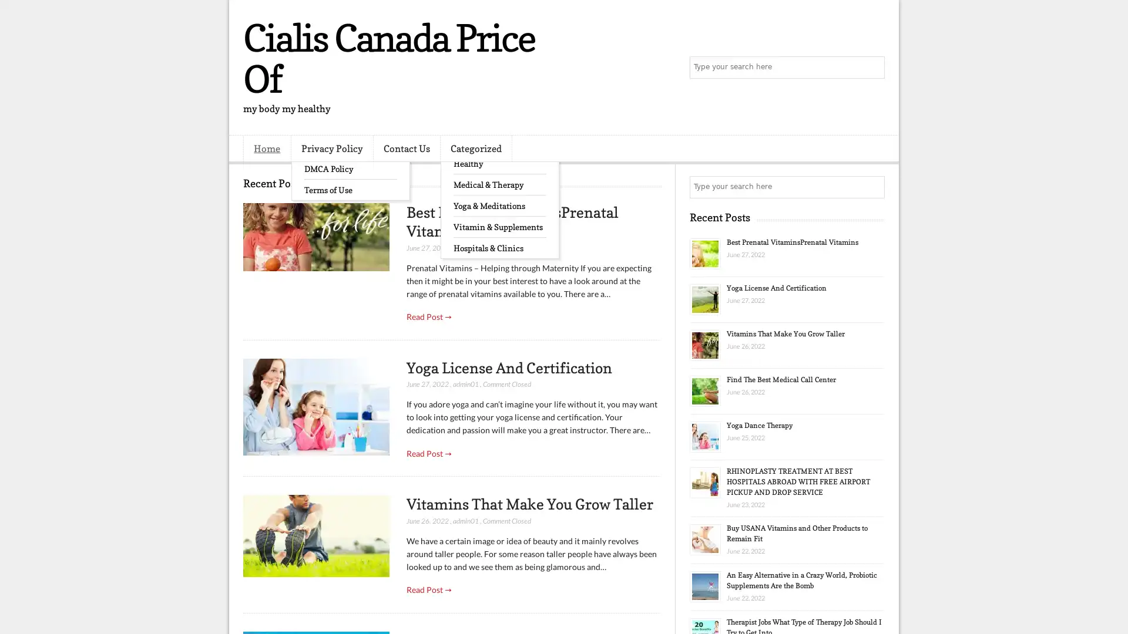  What do you see at coordinates (872, 187) in the screenshot?
I see `Search` at bounding box center [872, 187].